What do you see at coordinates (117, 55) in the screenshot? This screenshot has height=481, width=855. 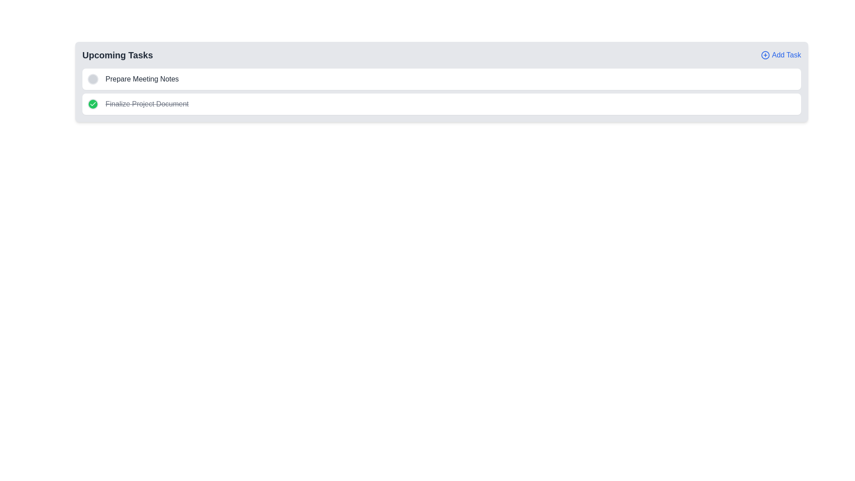 I see `the text 'Upcoming Tasks' for interaction` at bounding box center [117, 55].